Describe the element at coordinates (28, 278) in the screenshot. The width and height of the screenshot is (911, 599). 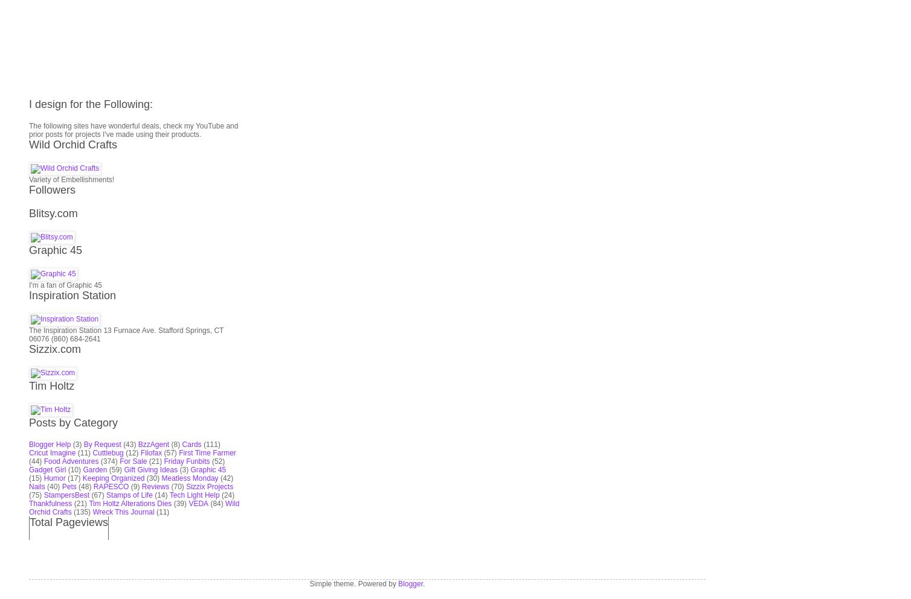
I see `'Posts by Category'` at that location.